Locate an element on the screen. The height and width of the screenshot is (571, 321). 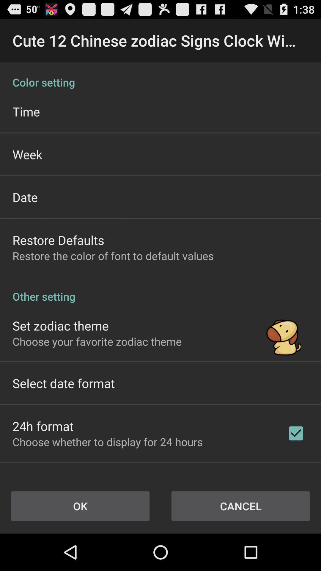
button to the left of cancel item is located at coordinates (80, 506).